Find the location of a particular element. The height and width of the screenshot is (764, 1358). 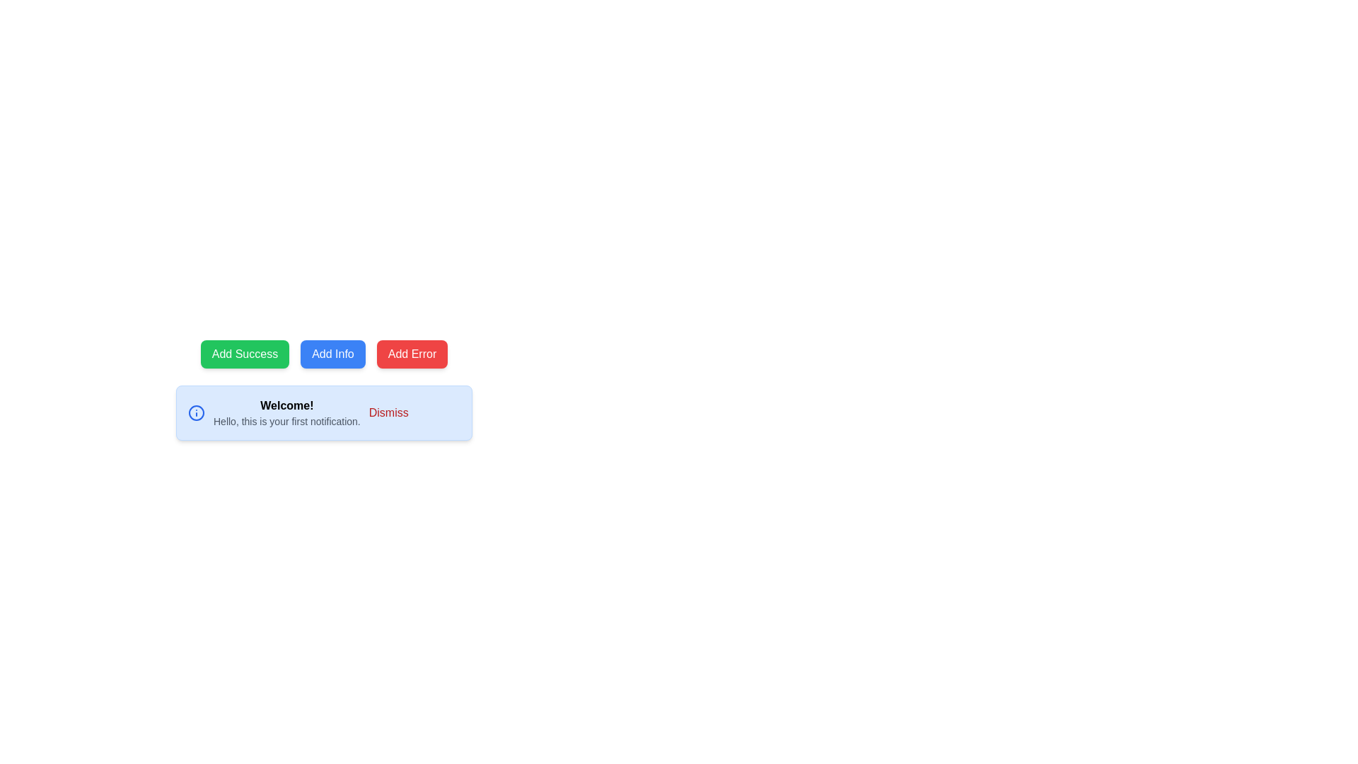

the 'Add Info' button, which has a blue background, white rounded corners, and displays the text 'Add Info' in white, to observe its hover effects is located at coordinates (332, 354).